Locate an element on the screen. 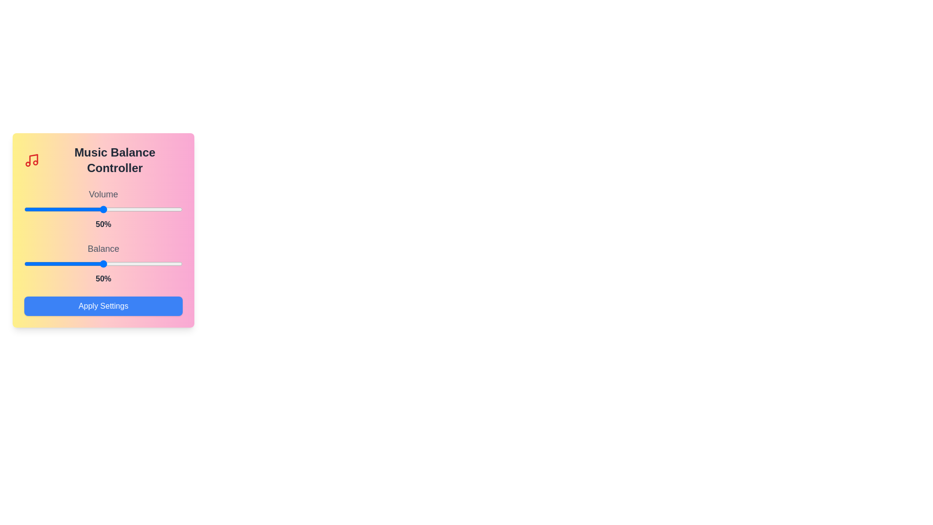  the volume slider to set the volume to 1% is located at coordinates (26, 209).